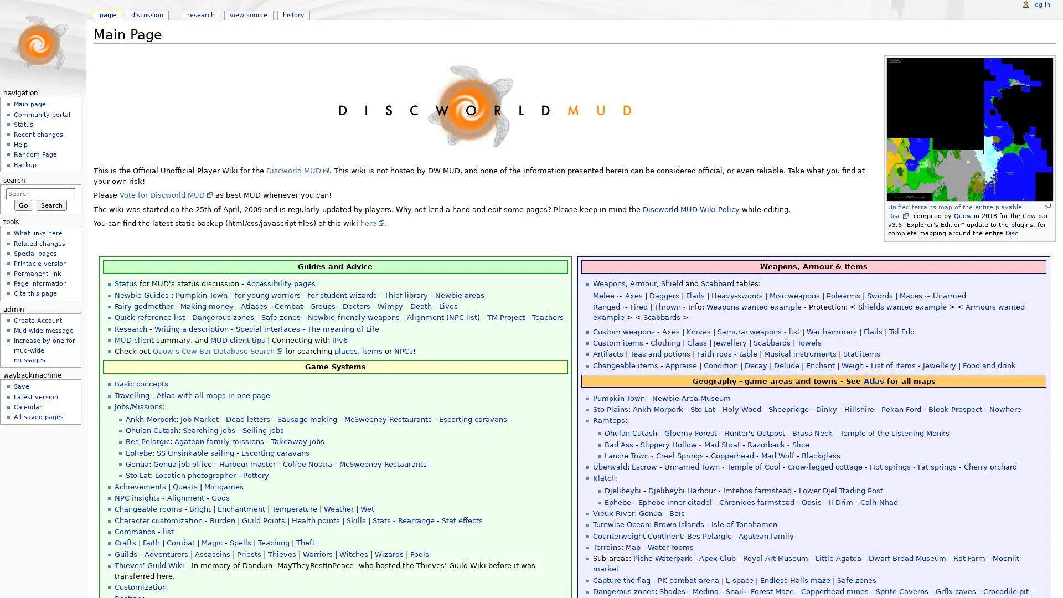 This screenshot has height=598, width=1063. I want to click on Search, so click(51, 205).